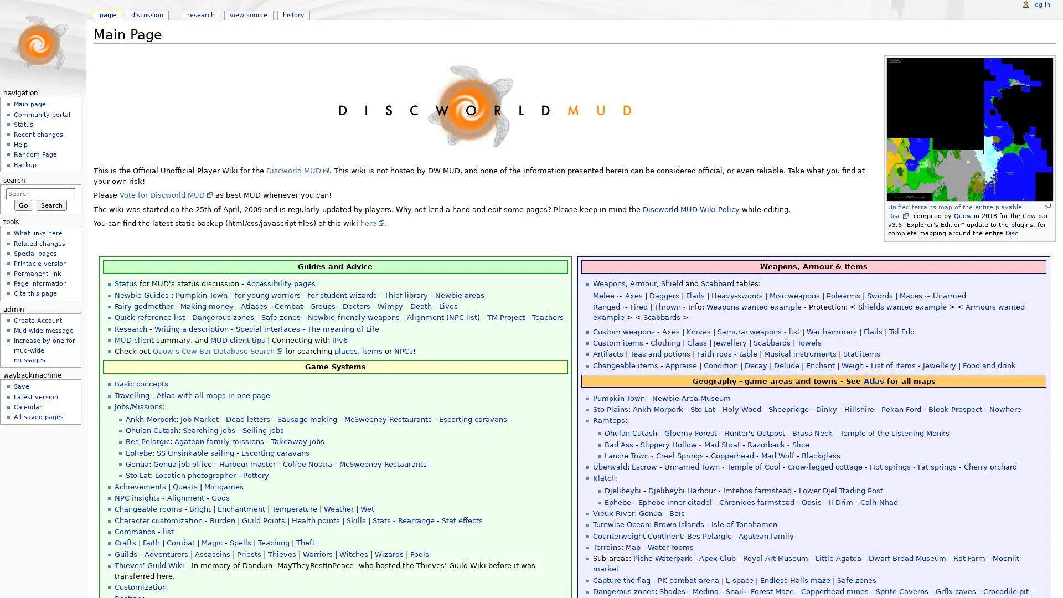 This screenshot has height=598, width=1063. I want to click on Search, so click(51, 205).